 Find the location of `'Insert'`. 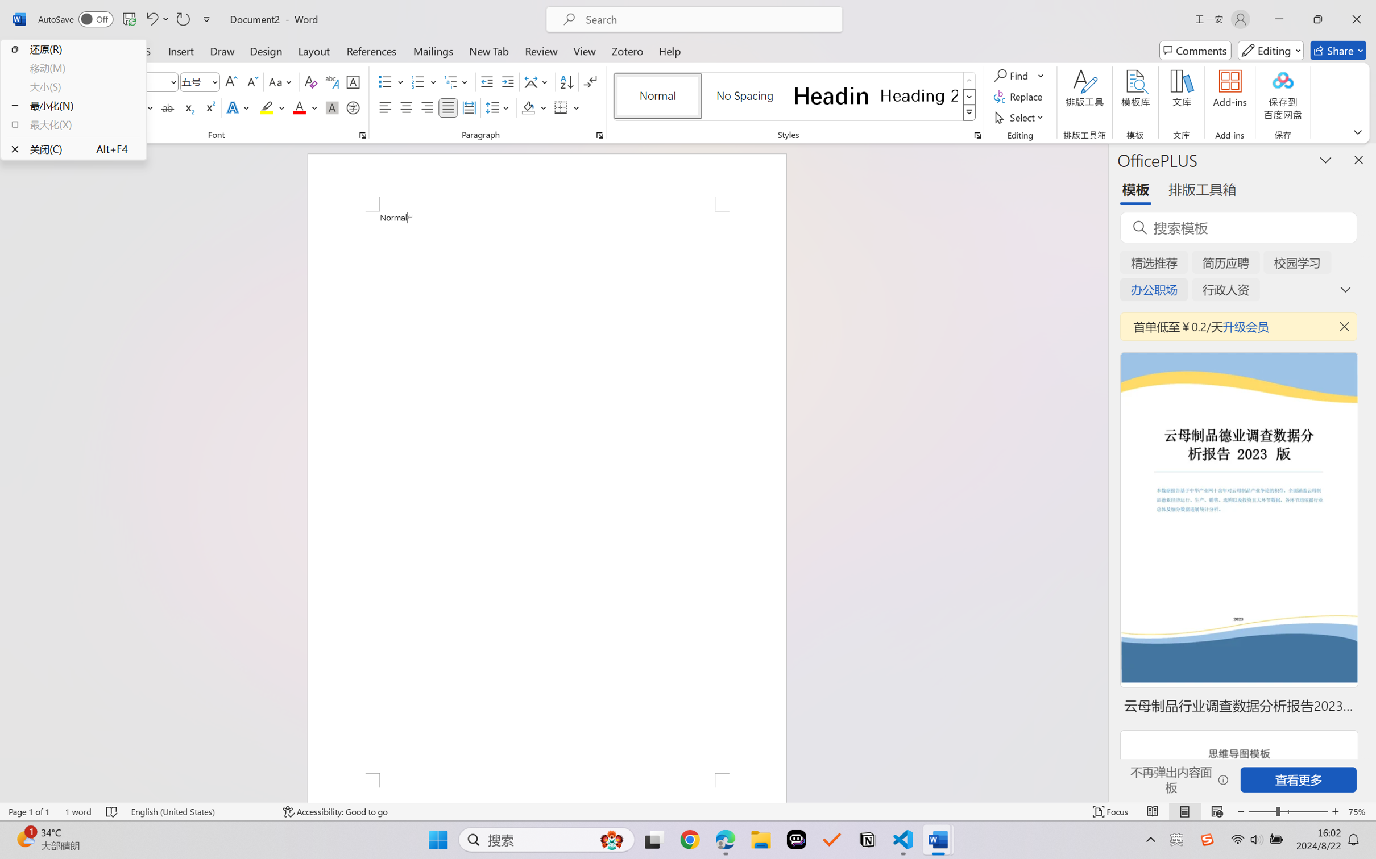

'Insert' is located at coordinates (180, 50).